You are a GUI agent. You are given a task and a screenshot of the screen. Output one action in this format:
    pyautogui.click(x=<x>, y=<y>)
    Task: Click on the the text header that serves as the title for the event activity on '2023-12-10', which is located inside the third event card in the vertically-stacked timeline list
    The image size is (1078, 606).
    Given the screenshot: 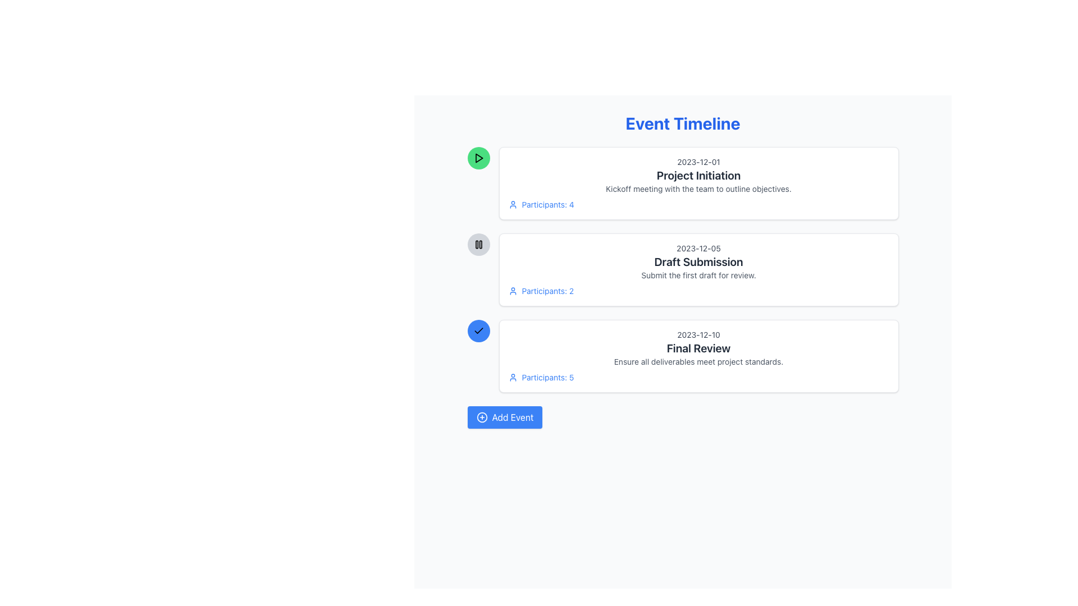 What is the action you would take?
    pyautogui.click(x=698, y=348)
    